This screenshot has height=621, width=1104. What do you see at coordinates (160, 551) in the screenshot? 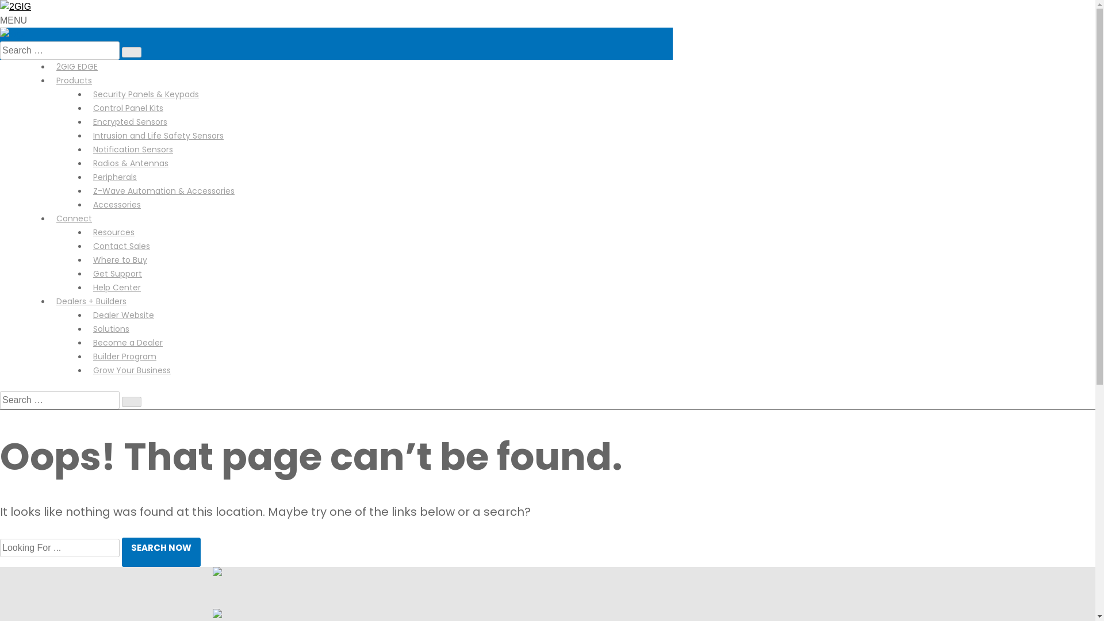
I see `'SEARCH NOW'` at bounding box center [160, 551].